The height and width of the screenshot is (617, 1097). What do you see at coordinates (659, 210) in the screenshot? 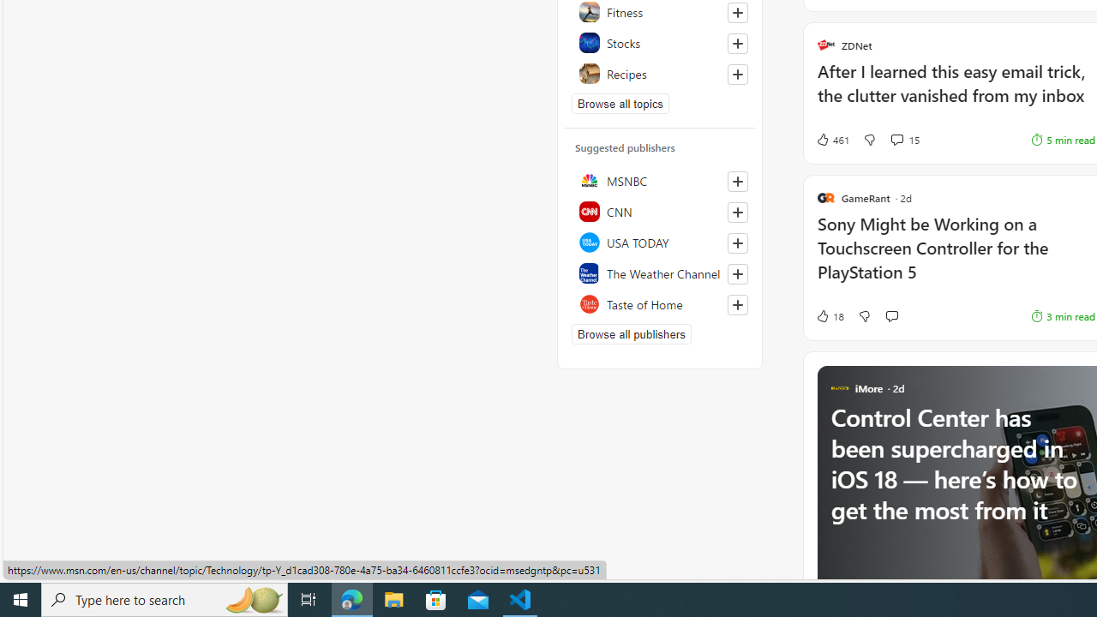
I see `'CNN'` at bounding box center [659, 210].